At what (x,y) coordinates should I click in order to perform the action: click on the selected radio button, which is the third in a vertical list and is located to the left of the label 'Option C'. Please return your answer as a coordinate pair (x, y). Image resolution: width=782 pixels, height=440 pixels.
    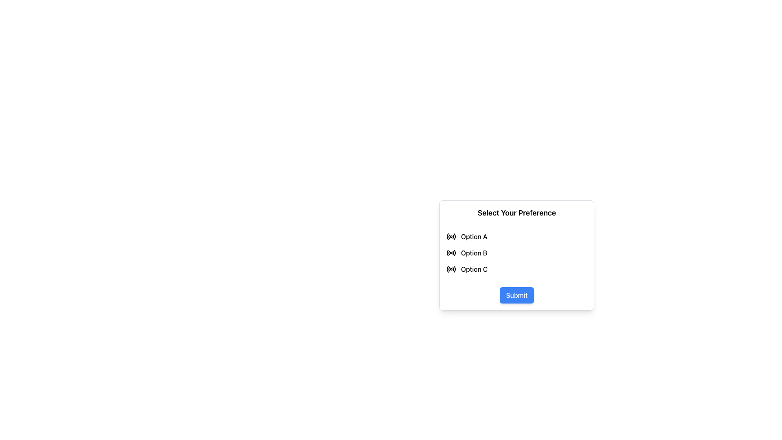
    Looking at the image, I should click on (451, 269).